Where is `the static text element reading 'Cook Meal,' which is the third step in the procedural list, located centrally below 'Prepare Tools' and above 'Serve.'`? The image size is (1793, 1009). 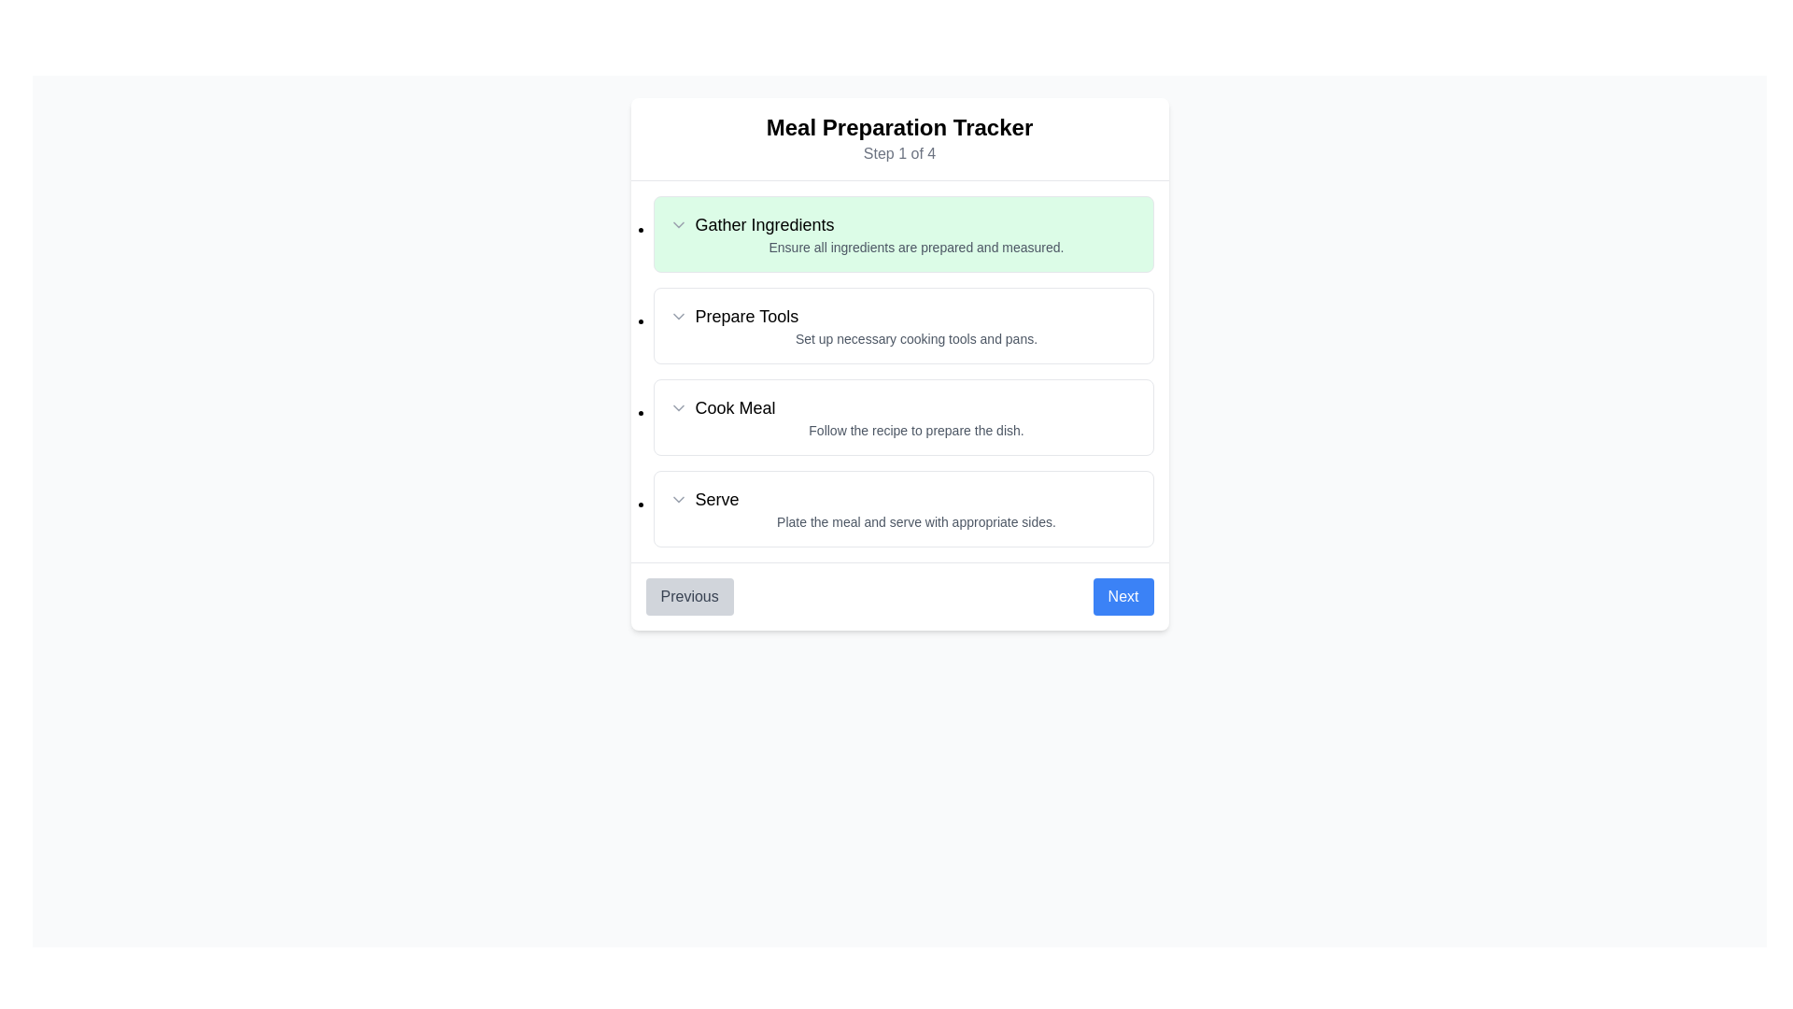
the static text element reading 'Cook Meal,' which is the third step in the procedural list, located centrally below 'Prepare Tools' and above 'Serve.' is located at coordinates (734, 406).